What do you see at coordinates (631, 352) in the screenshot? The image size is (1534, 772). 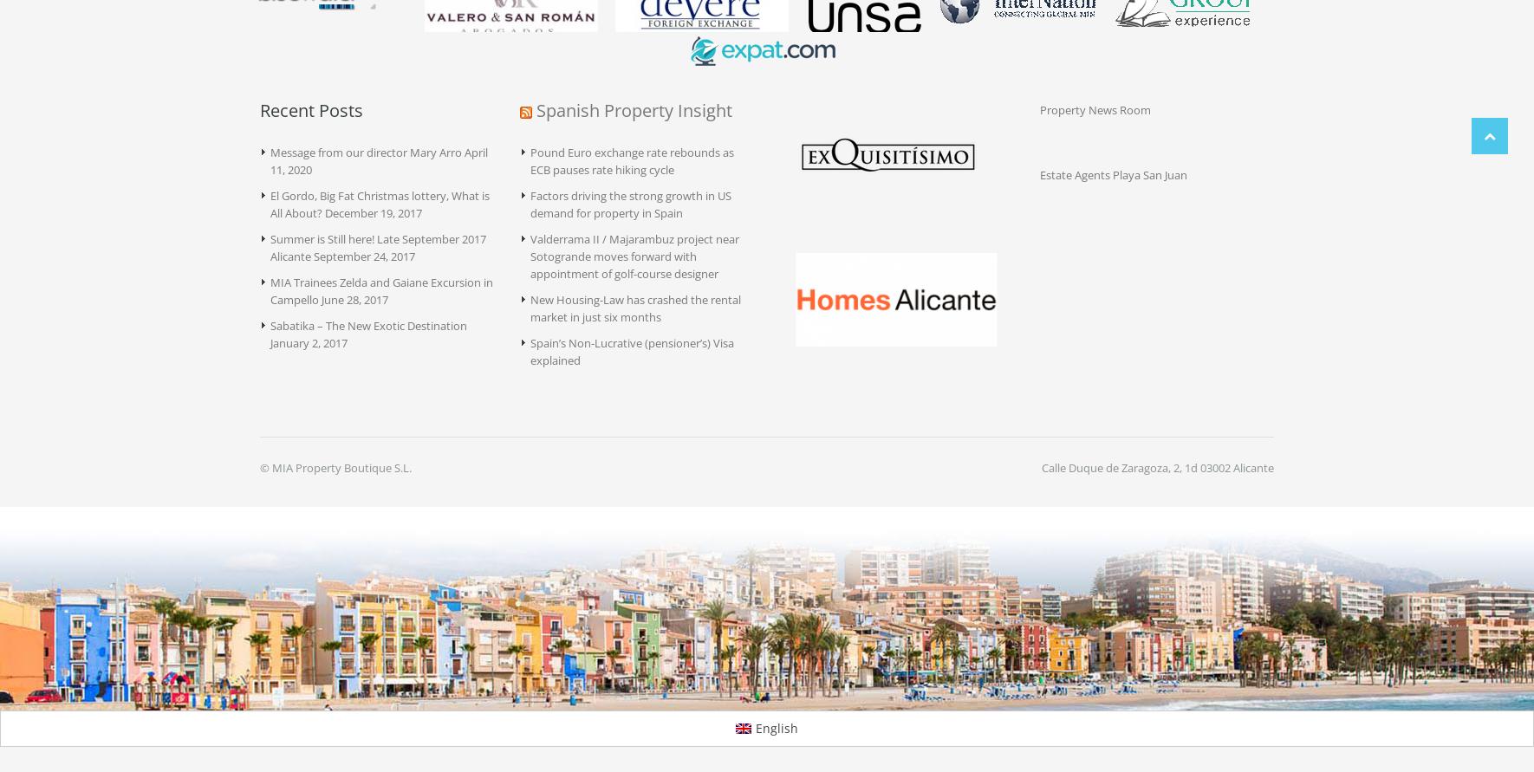 I see `'Spain’s Non-Lucrative (pensioner’s) Visa explained'` at bounding box center [631, 352].